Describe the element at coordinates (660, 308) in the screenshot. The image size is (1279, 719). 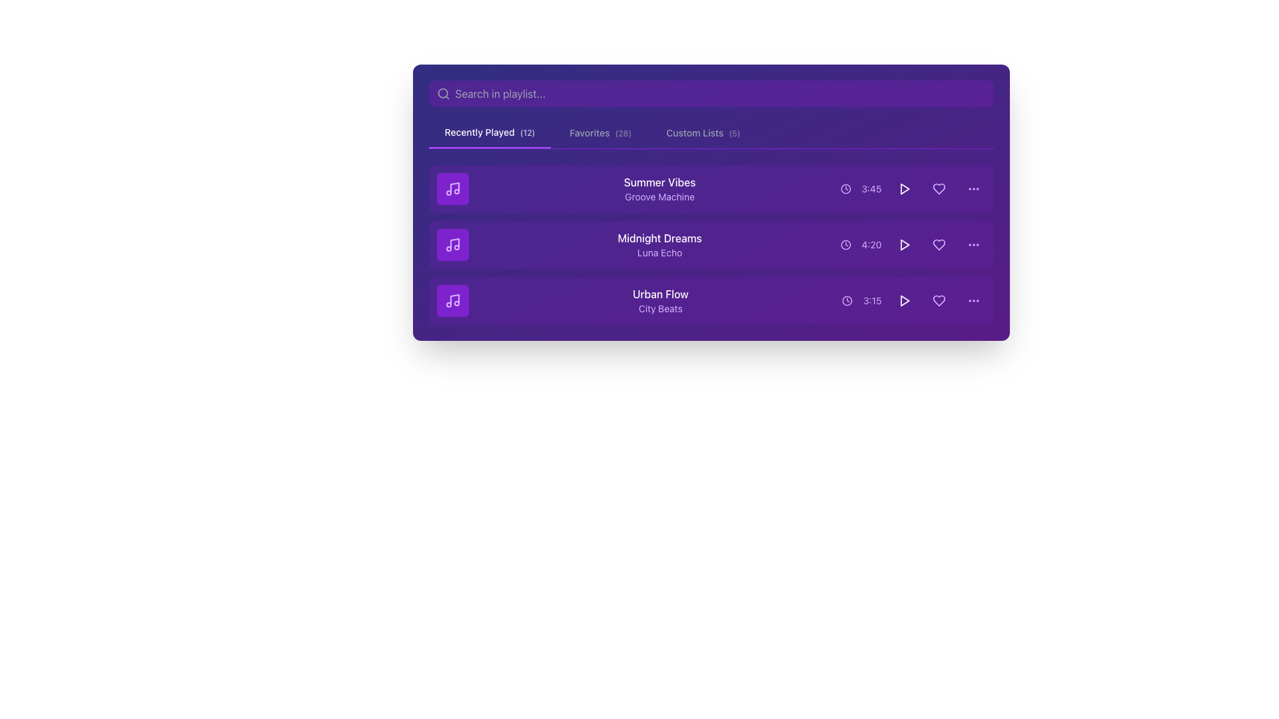
I see `the text label displaying 'City Beats', which is styled in a smaller purple font and positioned below the larger white text 'Urban Flow' in a music playlist interface` at that location.